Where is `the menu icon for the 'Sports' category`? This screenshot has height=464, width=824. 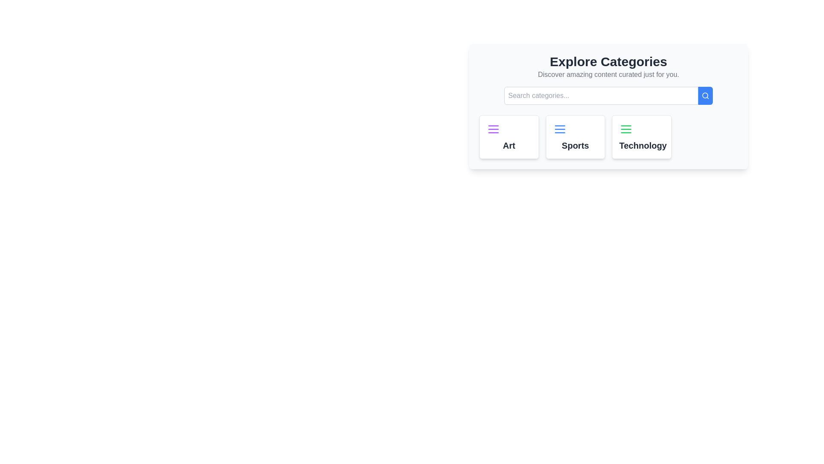 the menu icon for the 'Sports' category is located at coordinates (560, 129).